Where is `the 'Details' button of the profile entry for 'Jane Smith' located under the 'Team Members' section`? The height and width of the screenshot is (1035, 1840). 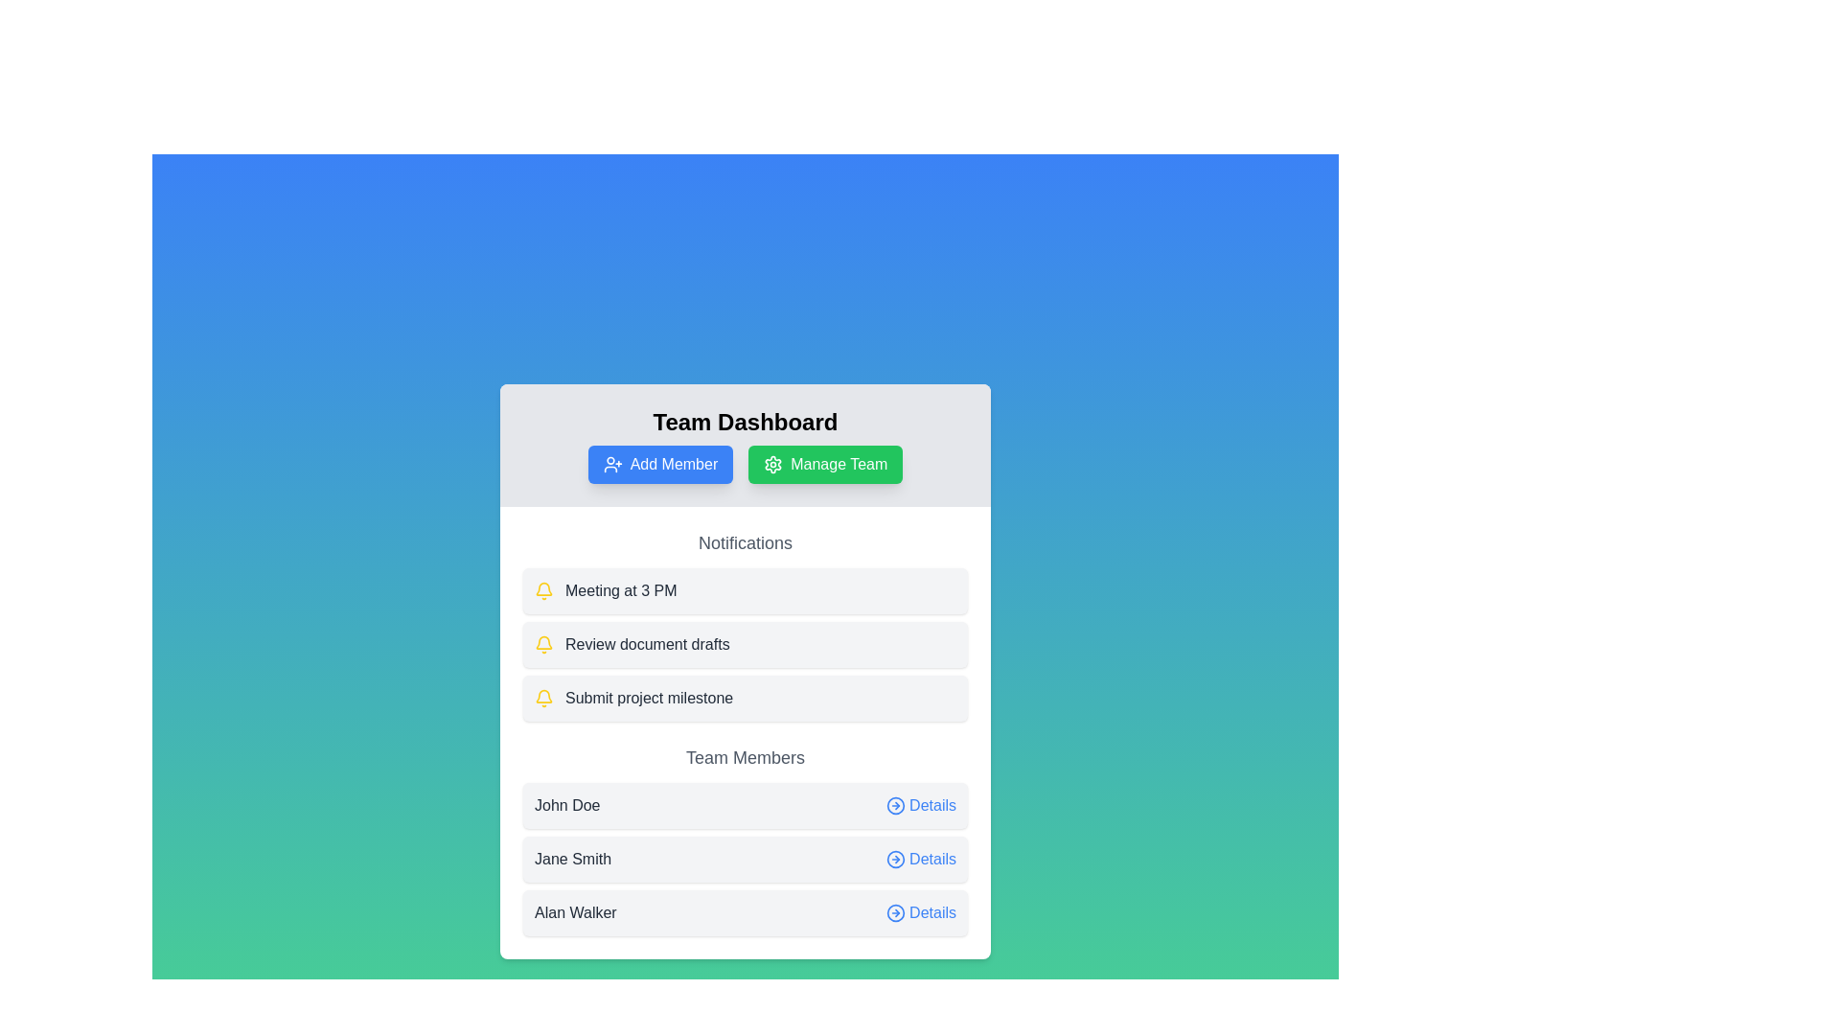 the 'Details' button of the profile entry for 'Jane Smith' located under the 'Team Members' section is located at coordinates (744, 859).